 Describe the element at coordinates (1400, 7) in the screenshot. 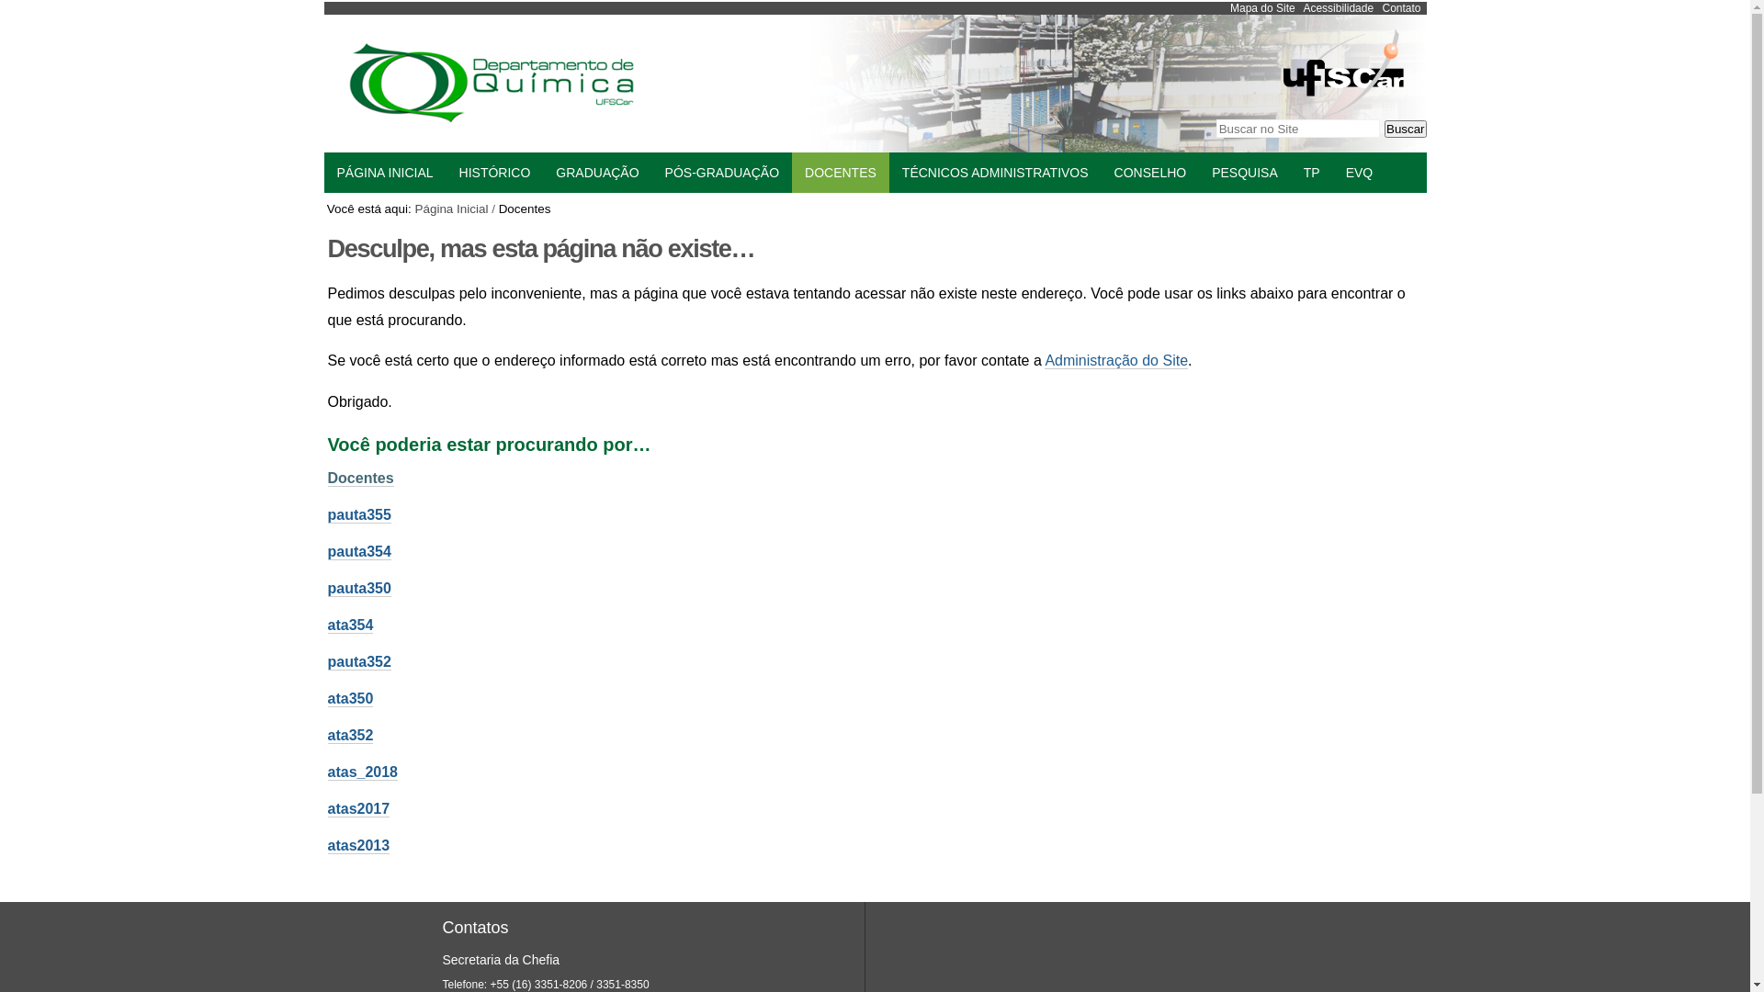

I see `'Contato'` at that location.